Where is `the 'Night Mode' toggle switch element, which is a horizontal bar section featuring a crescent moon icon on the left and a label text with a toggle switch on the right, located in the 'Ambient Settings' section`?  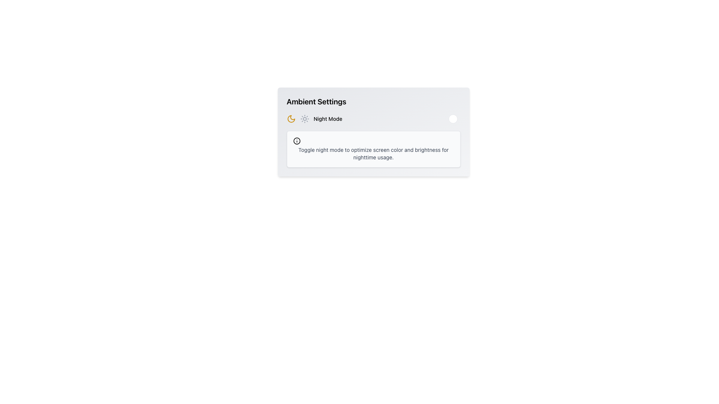
the 'Night Mode' toggle switch element, which is a horizontal bar section featuring a crescent moon icon on the left and a label text with a toggle switch on the right, located in the 'Ambient Settings' section is located at coordinates (373, 118).